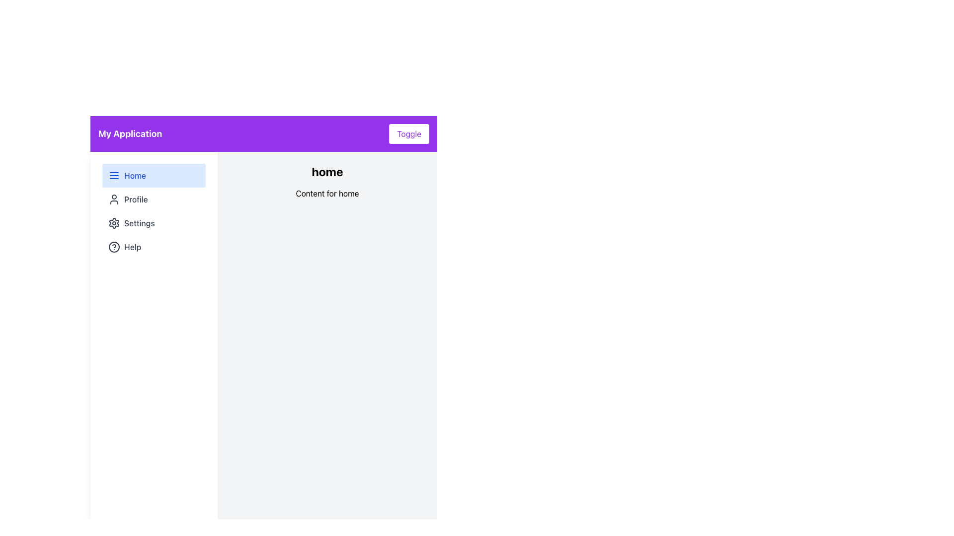 The image size is (954, 536). I want to click on the menu icon element, so click(114, 175).